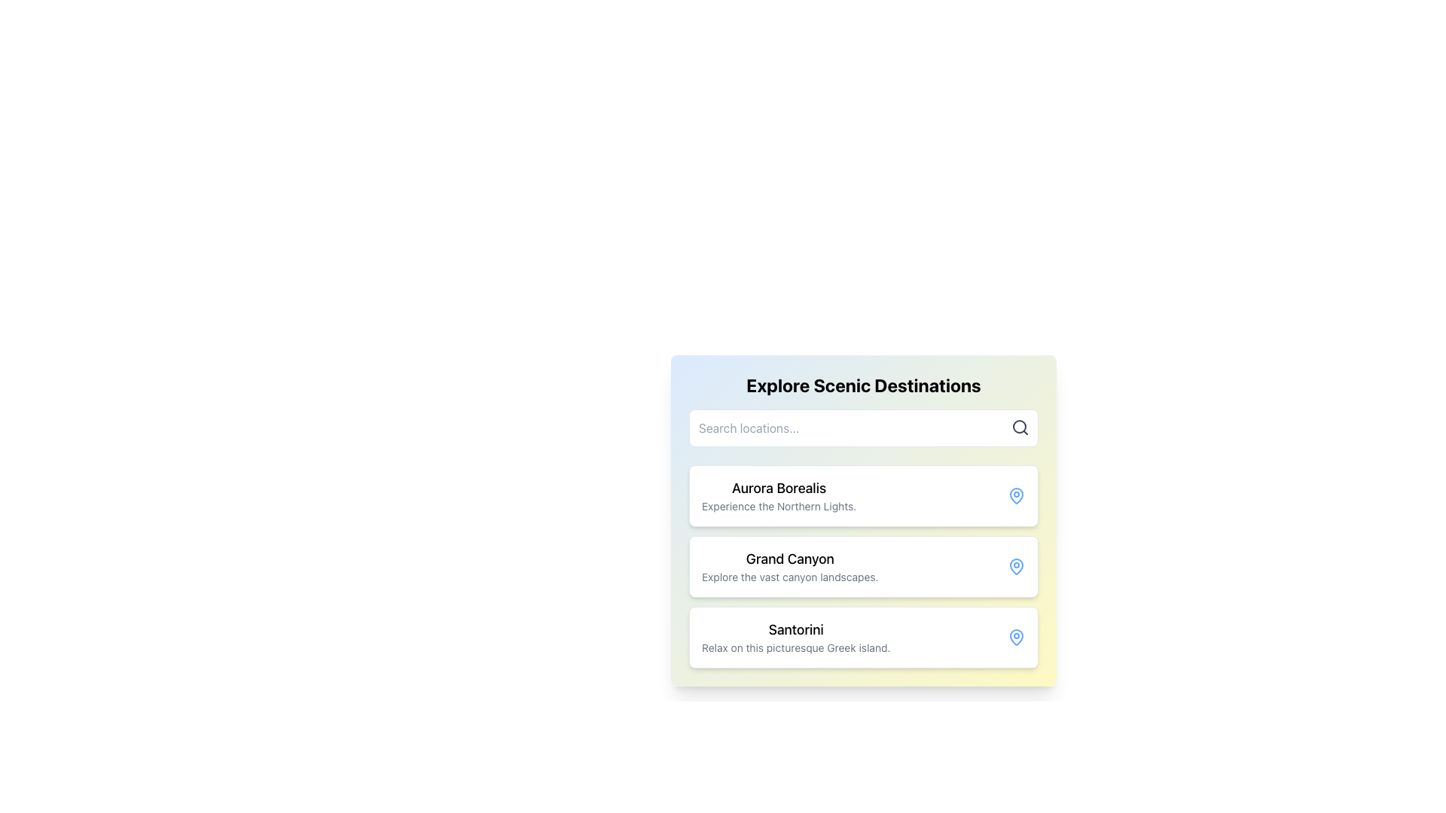  I want to click on the gray magnifying glass icon button located at the top-right corner of the search bar to initiate a search, so click(1020, 427).